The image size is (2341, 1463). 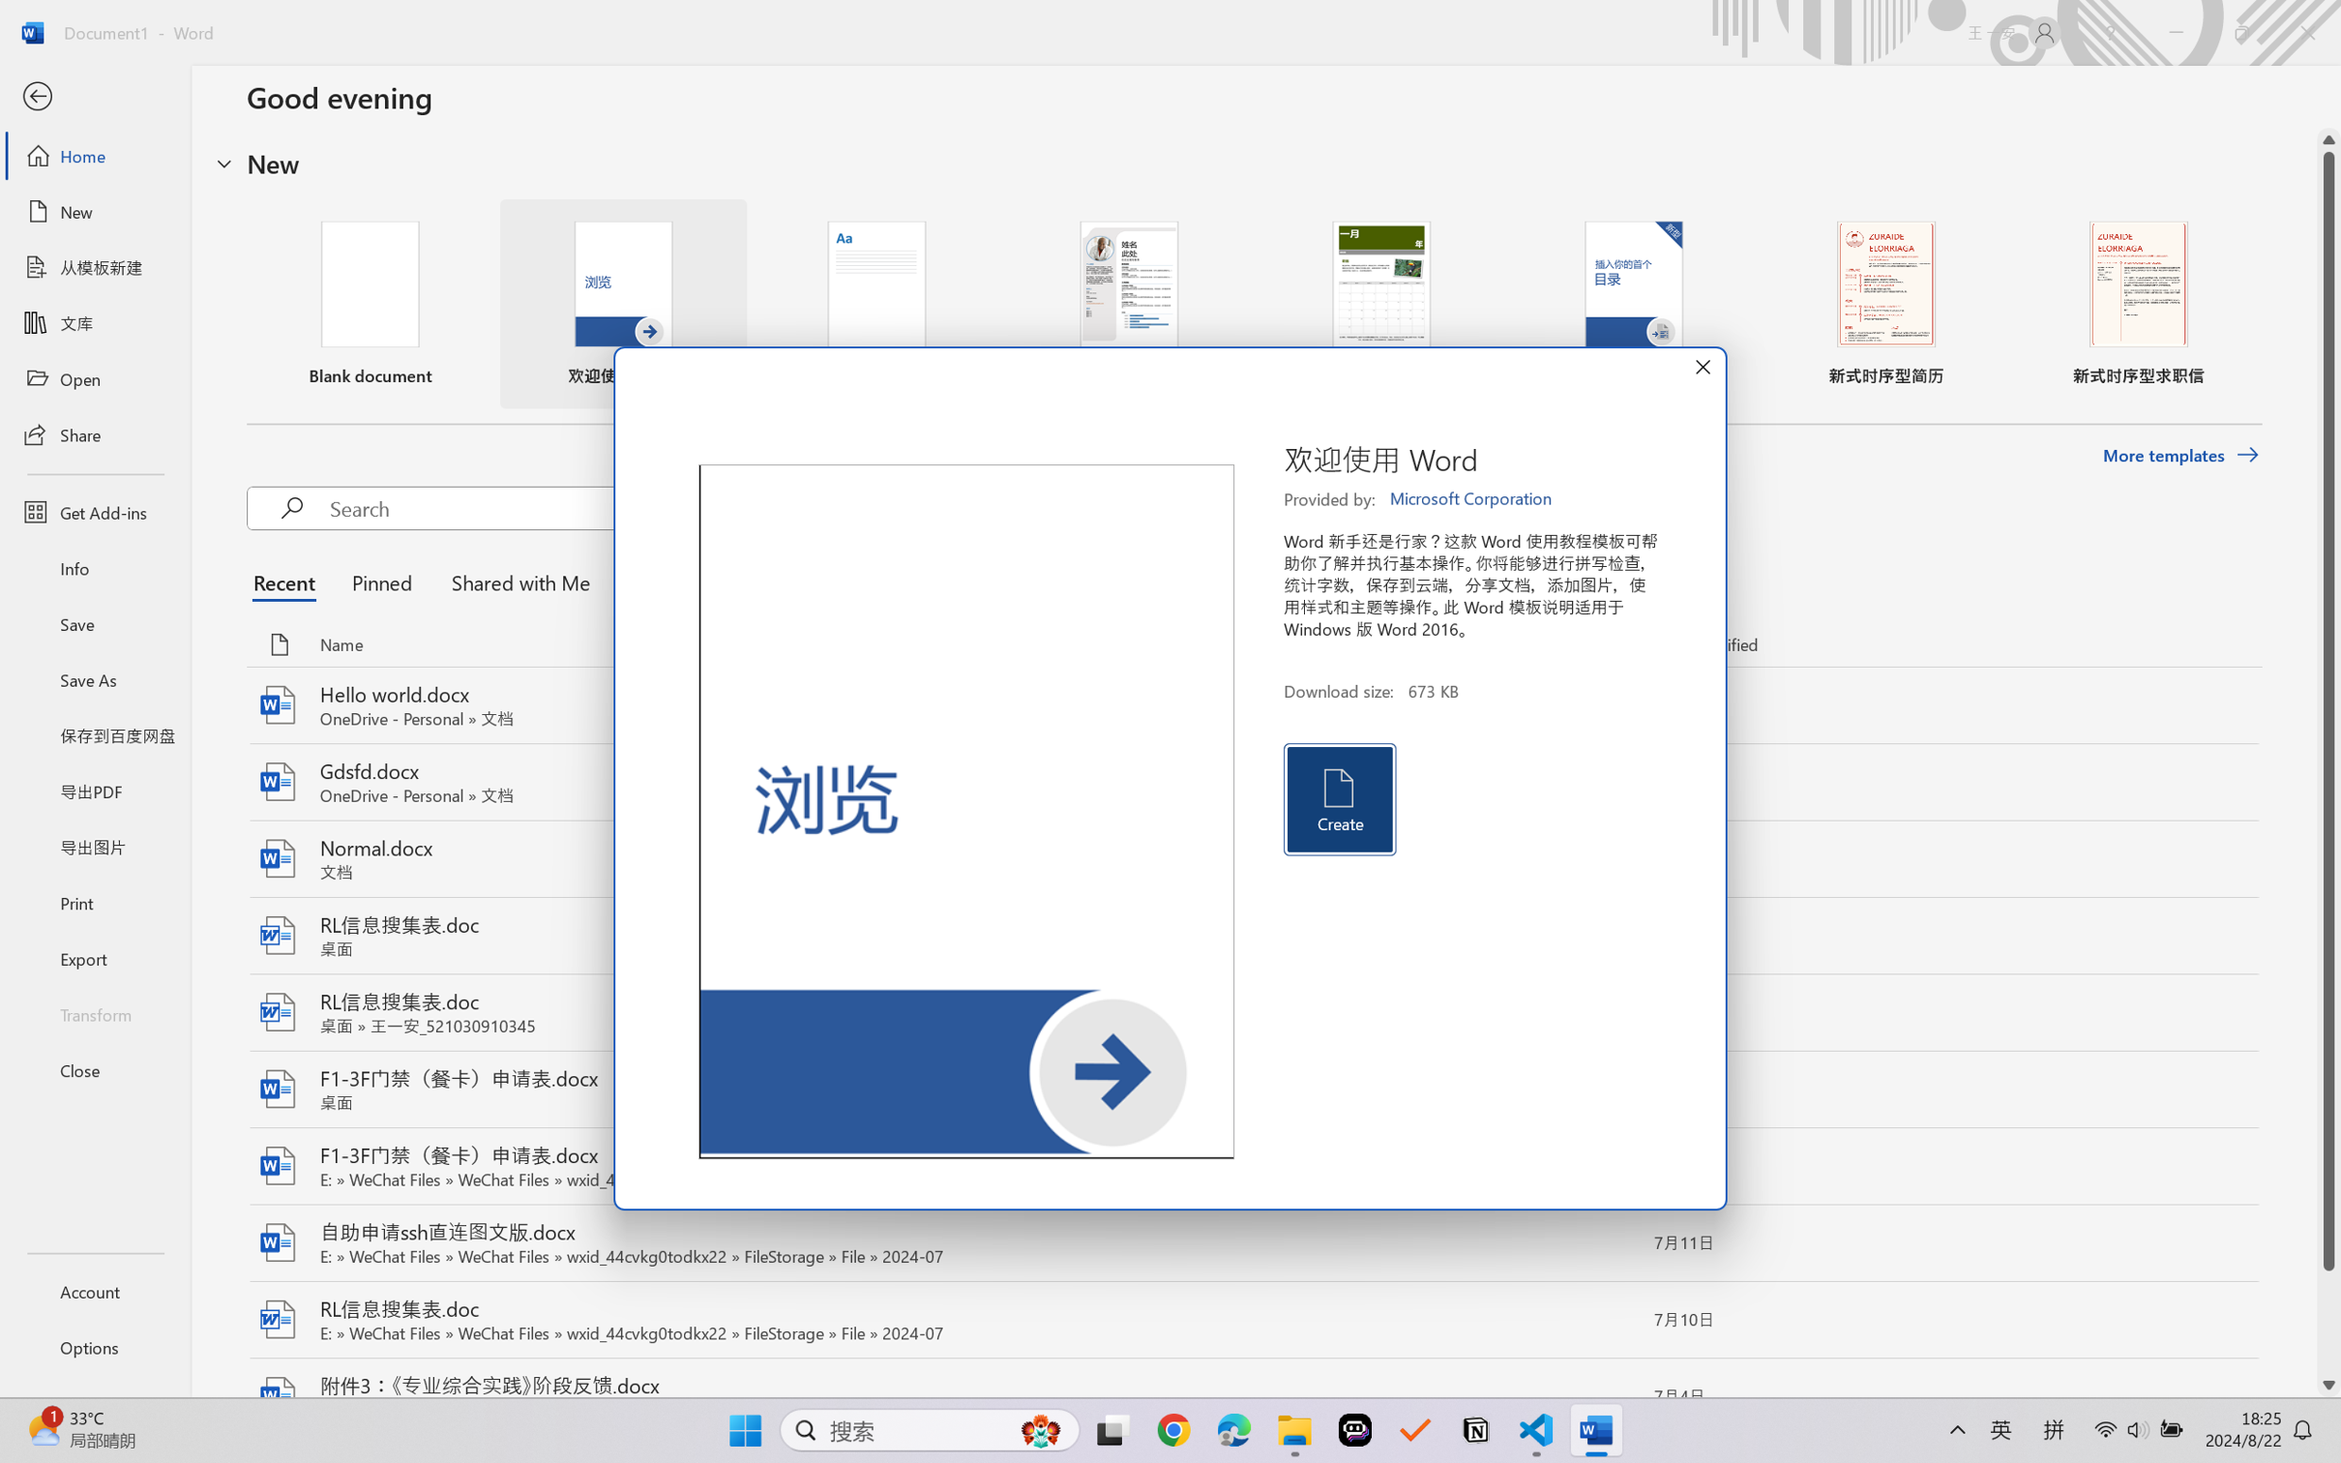 I want to click on 'Get Add-ins', so click(x=94, y=511).